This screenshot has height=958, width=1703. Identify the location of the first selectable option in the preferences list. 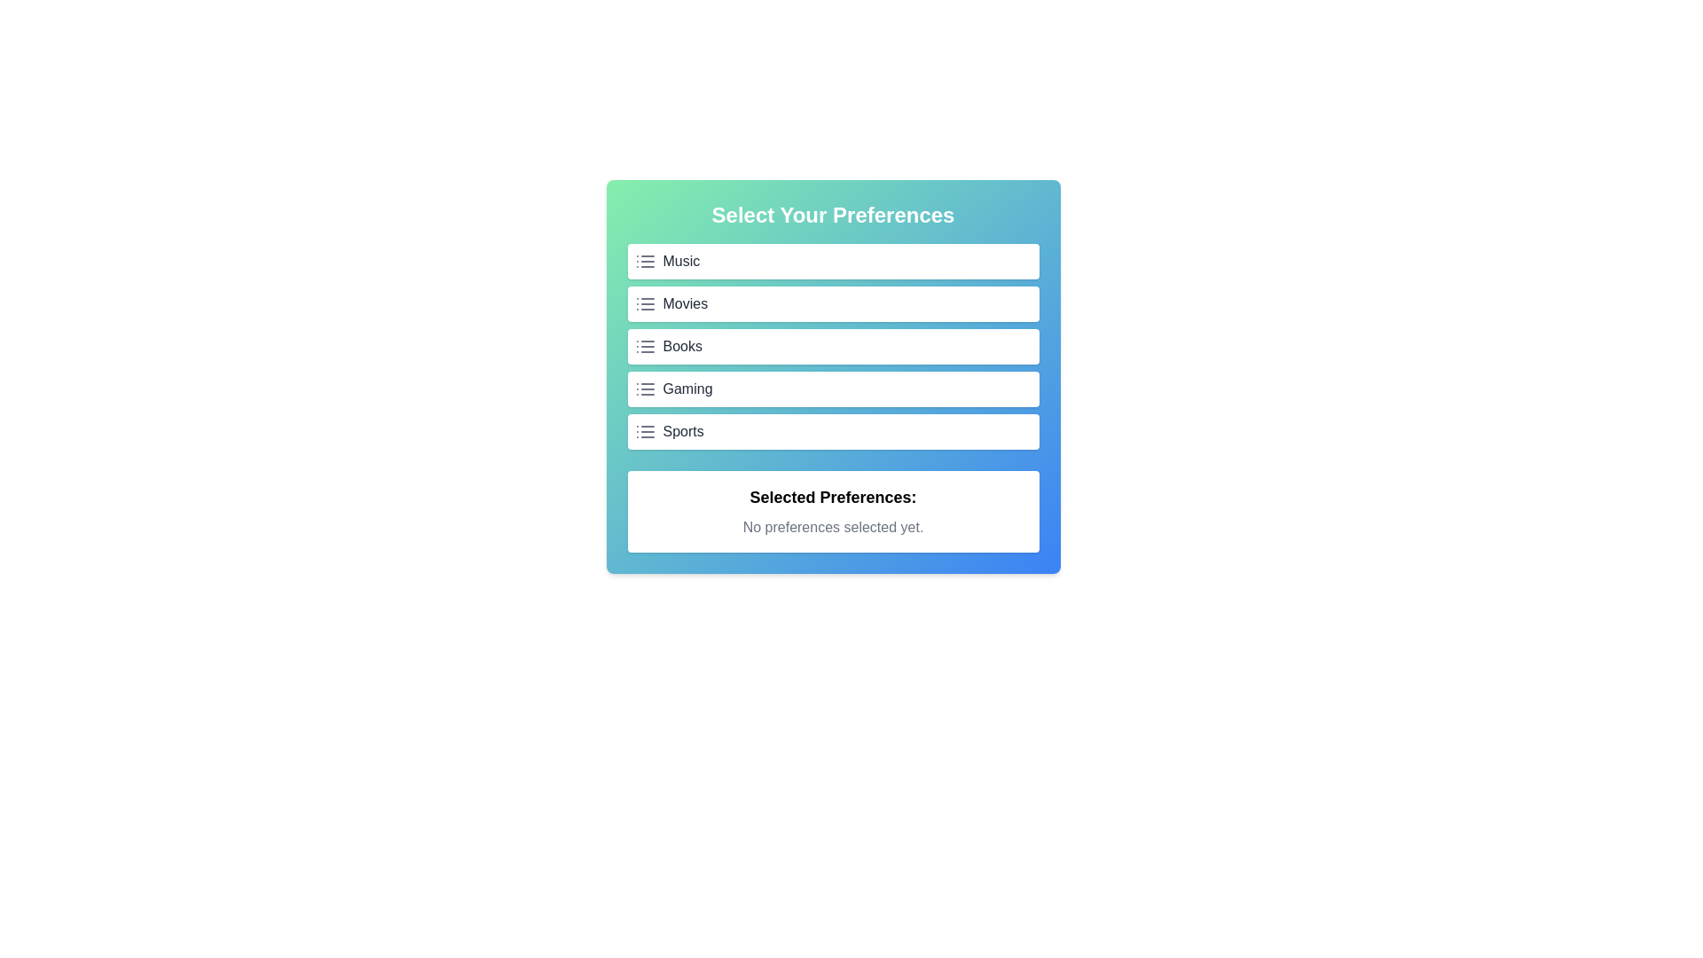
(832, 261).